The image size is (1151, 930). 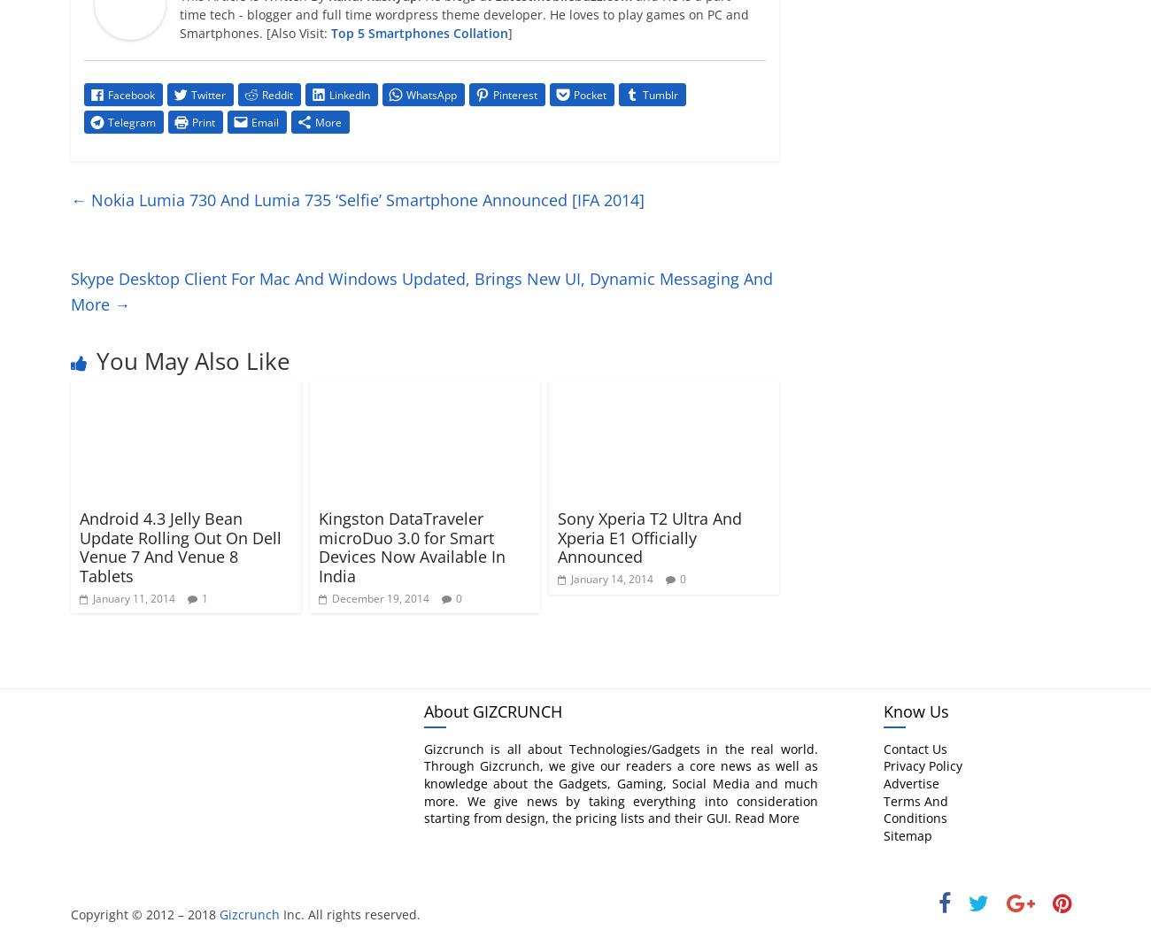 What do you see at coordinates (265, 120) in the screenshot?
I see `'Email'` at bounding box center [265, 120].